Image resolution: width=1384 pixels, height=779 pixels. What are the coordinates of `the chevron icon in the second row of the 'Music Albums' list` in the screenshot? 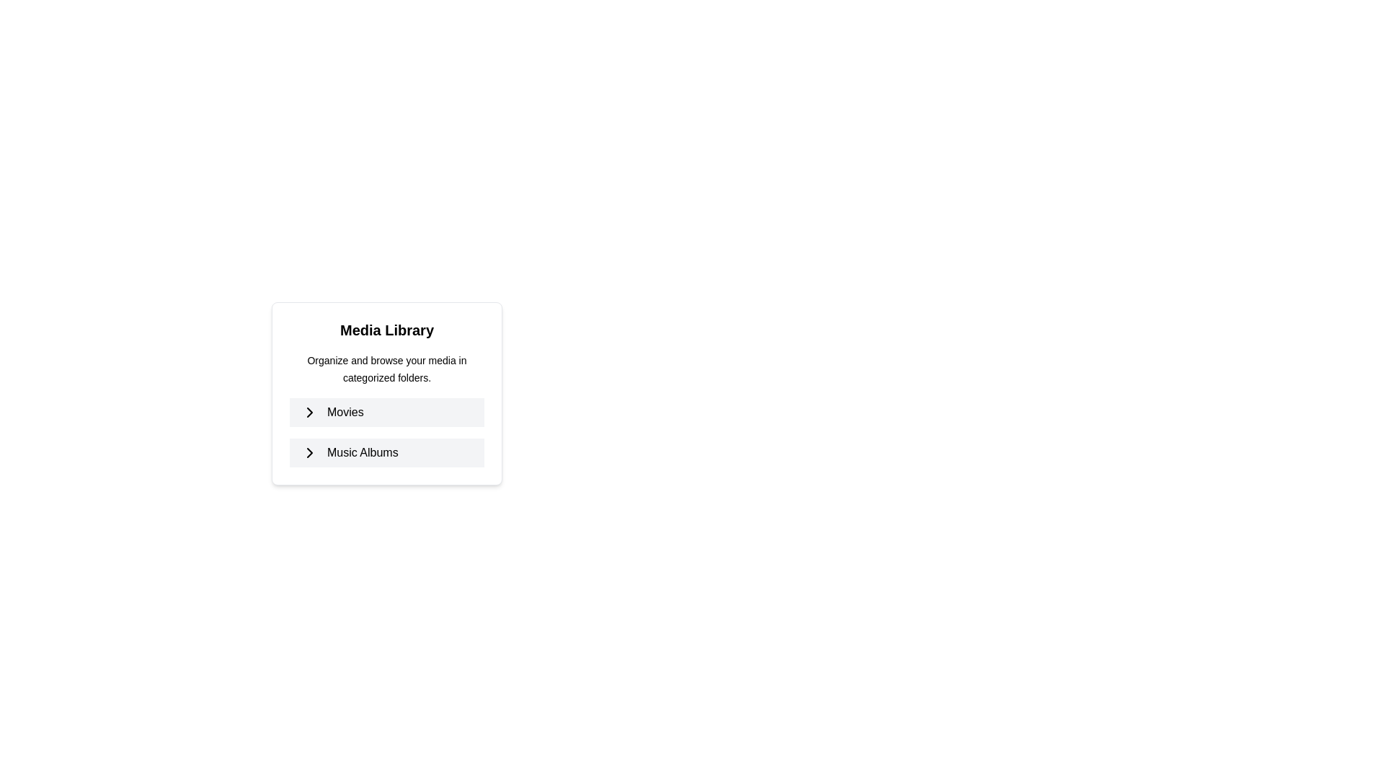 It's located at (309, 452).